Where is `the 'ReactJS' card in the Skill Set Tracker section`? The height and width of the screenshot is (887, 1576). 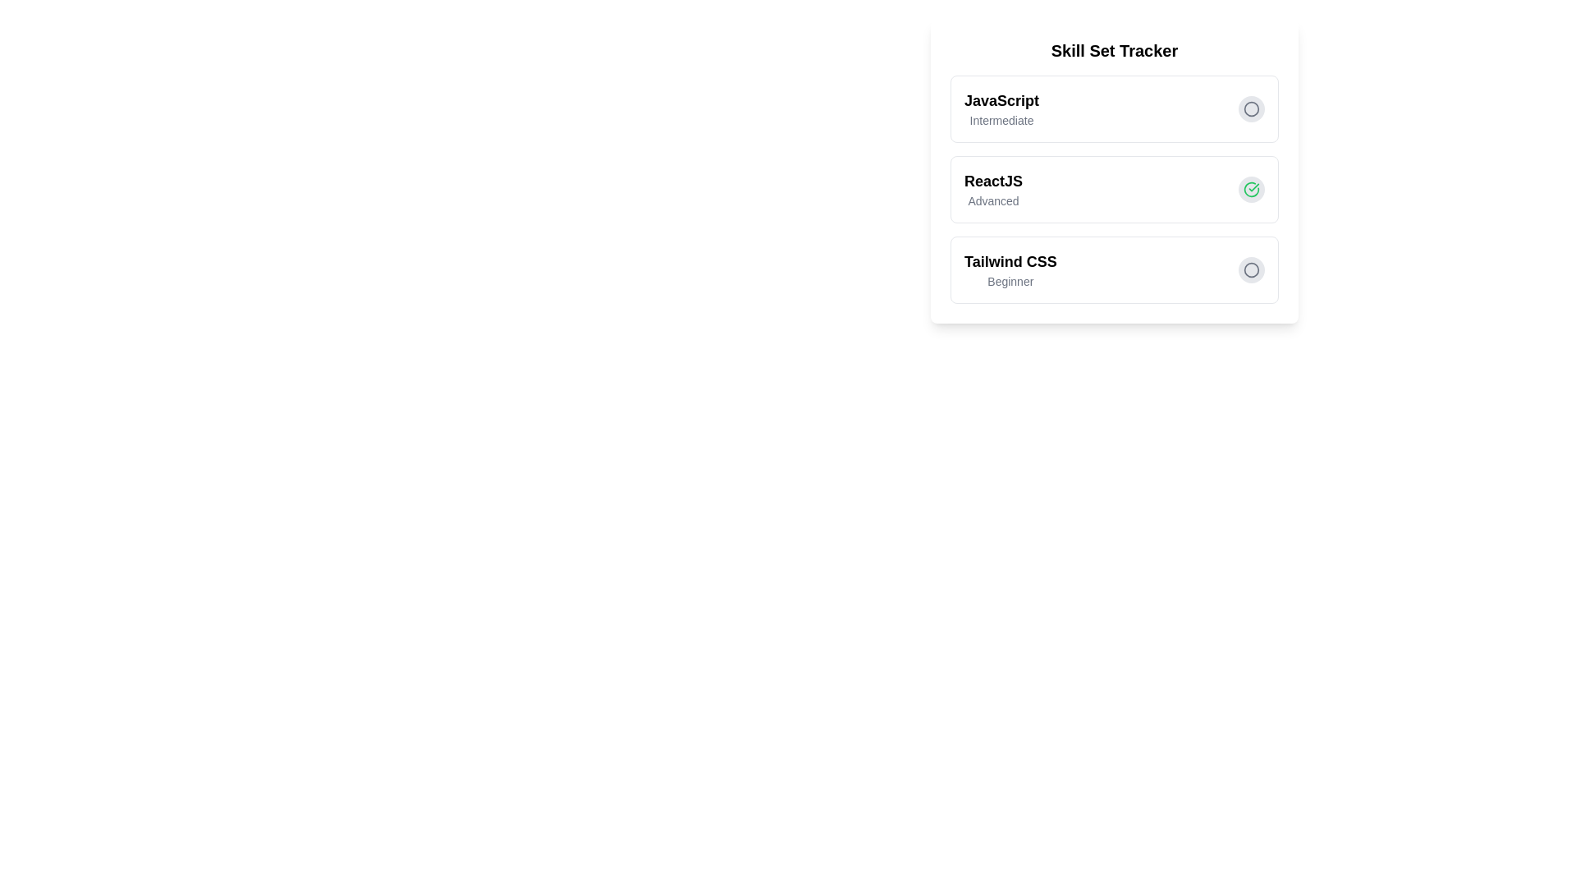
the 'ReactJS' card in the Skill Set Tracker section is located at coordinates (1115, 171).